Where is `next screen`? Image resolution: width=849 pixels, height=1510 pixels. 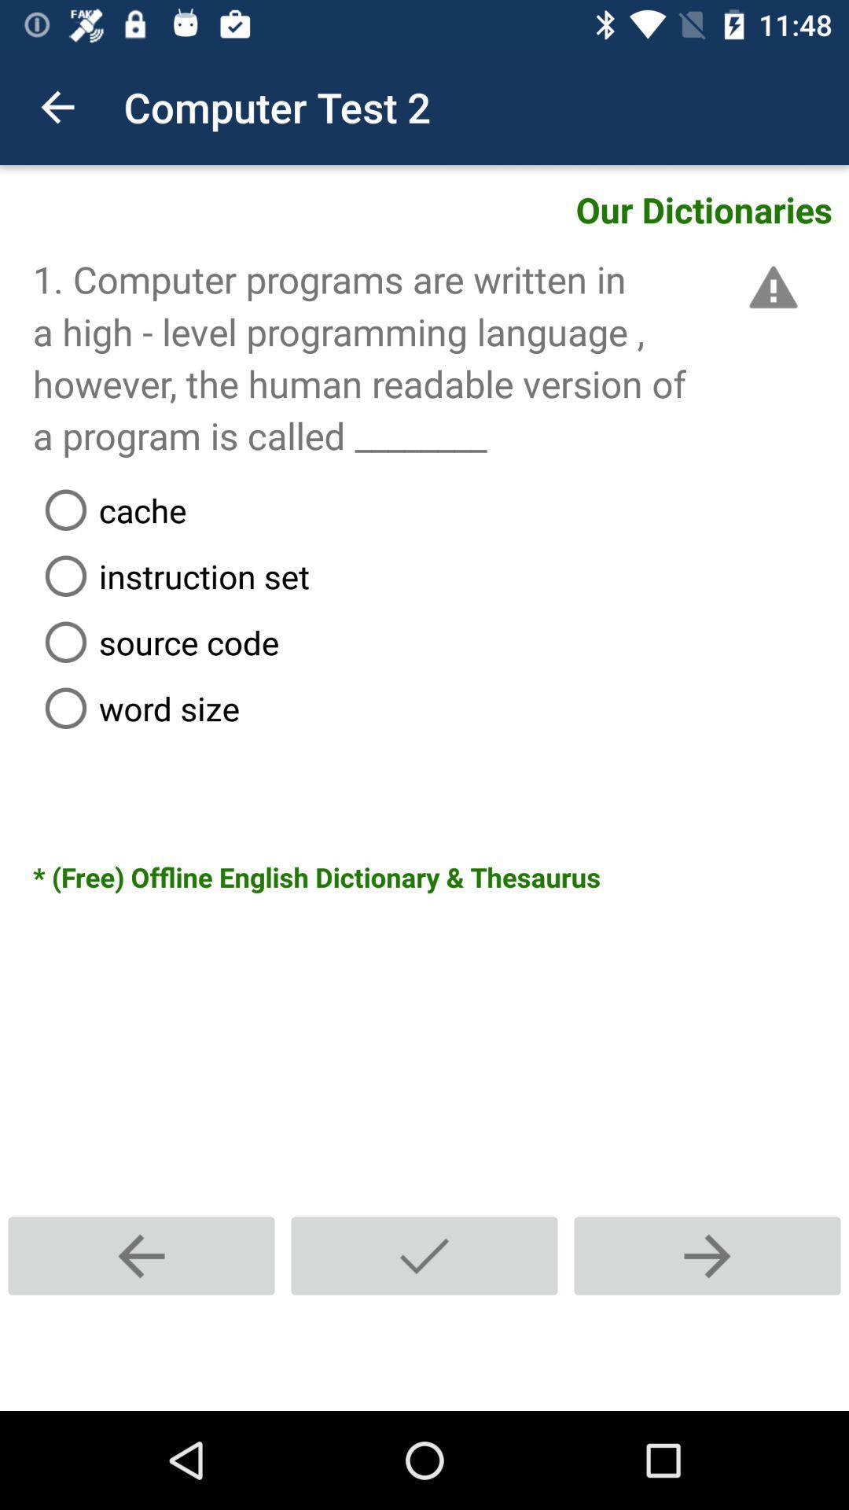 next screen is located at coordinates (706, 1255).